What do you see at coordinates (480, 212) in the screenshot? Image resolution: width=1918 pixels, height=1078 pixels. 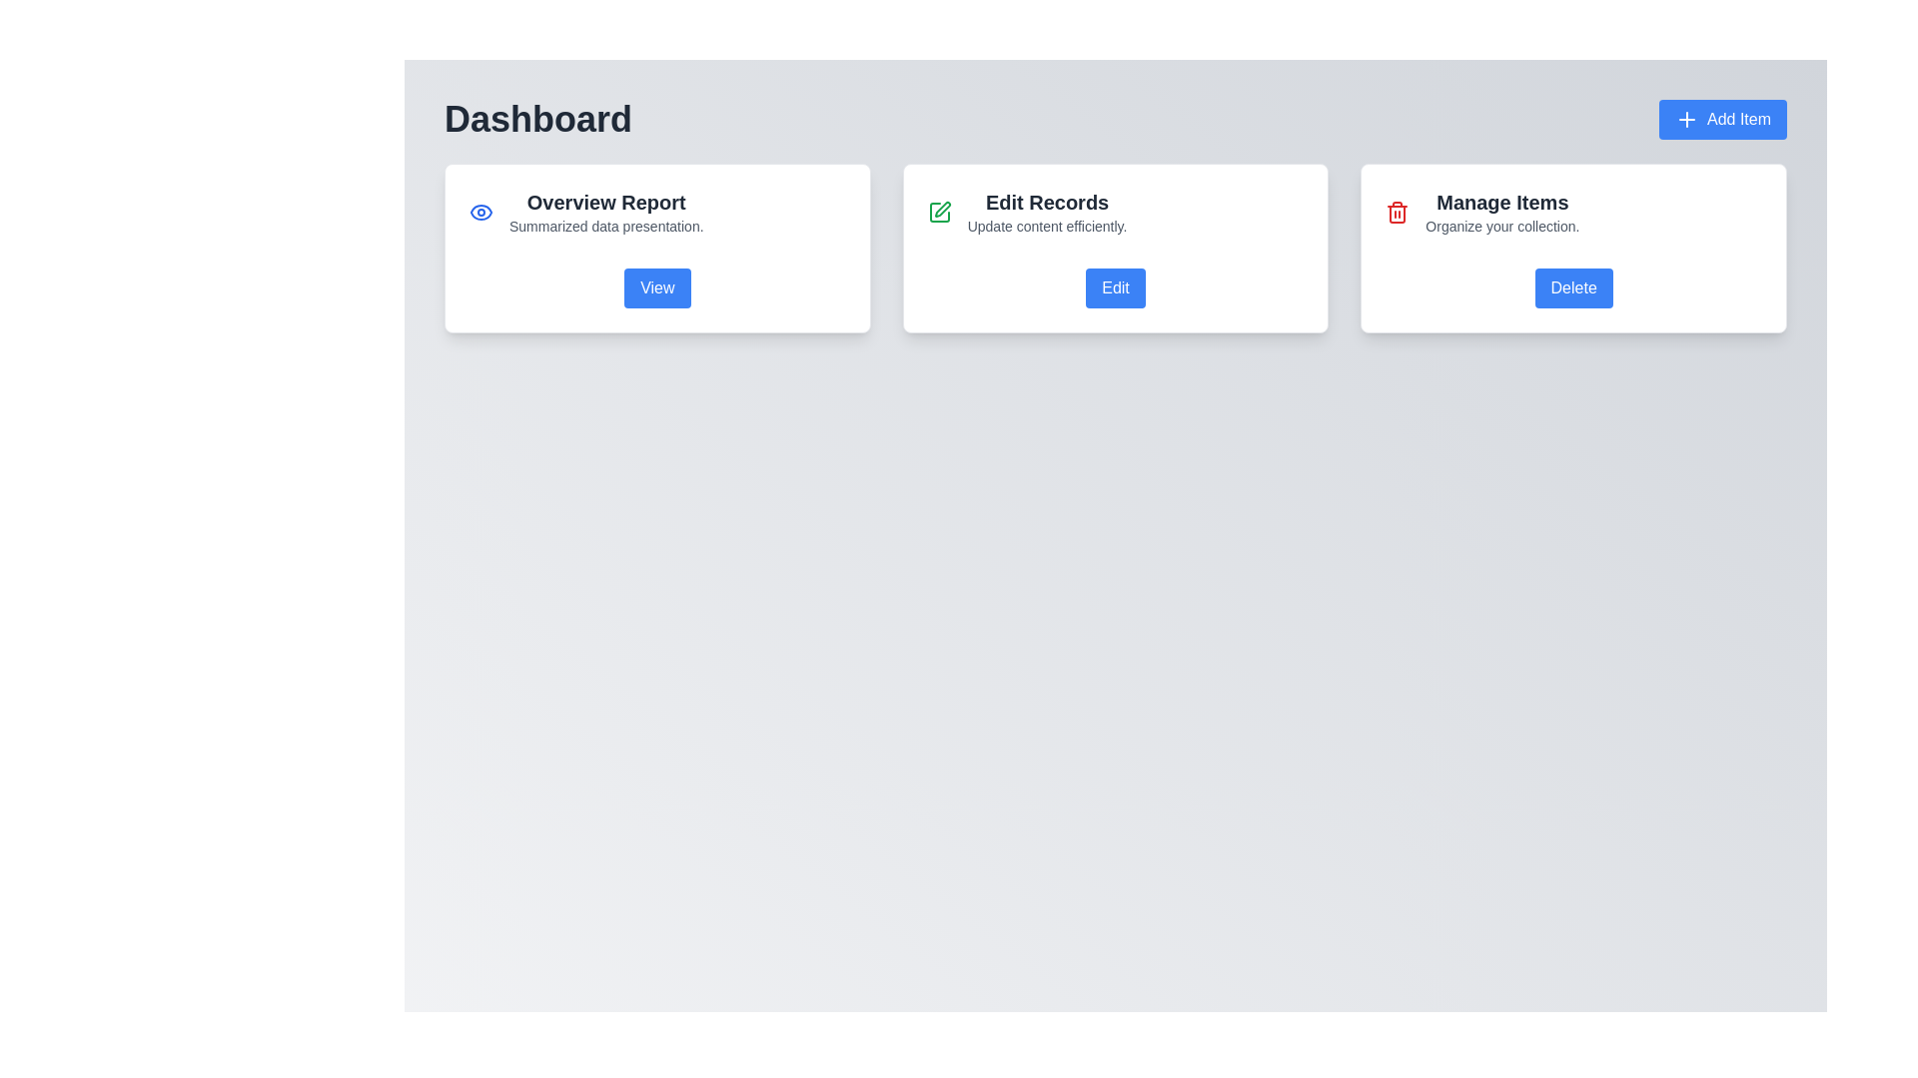 I see `the icon located at the top-left corner of the 'Overview Report' card, which represents viewing or monitoring data` at bounding box center [480, 212].